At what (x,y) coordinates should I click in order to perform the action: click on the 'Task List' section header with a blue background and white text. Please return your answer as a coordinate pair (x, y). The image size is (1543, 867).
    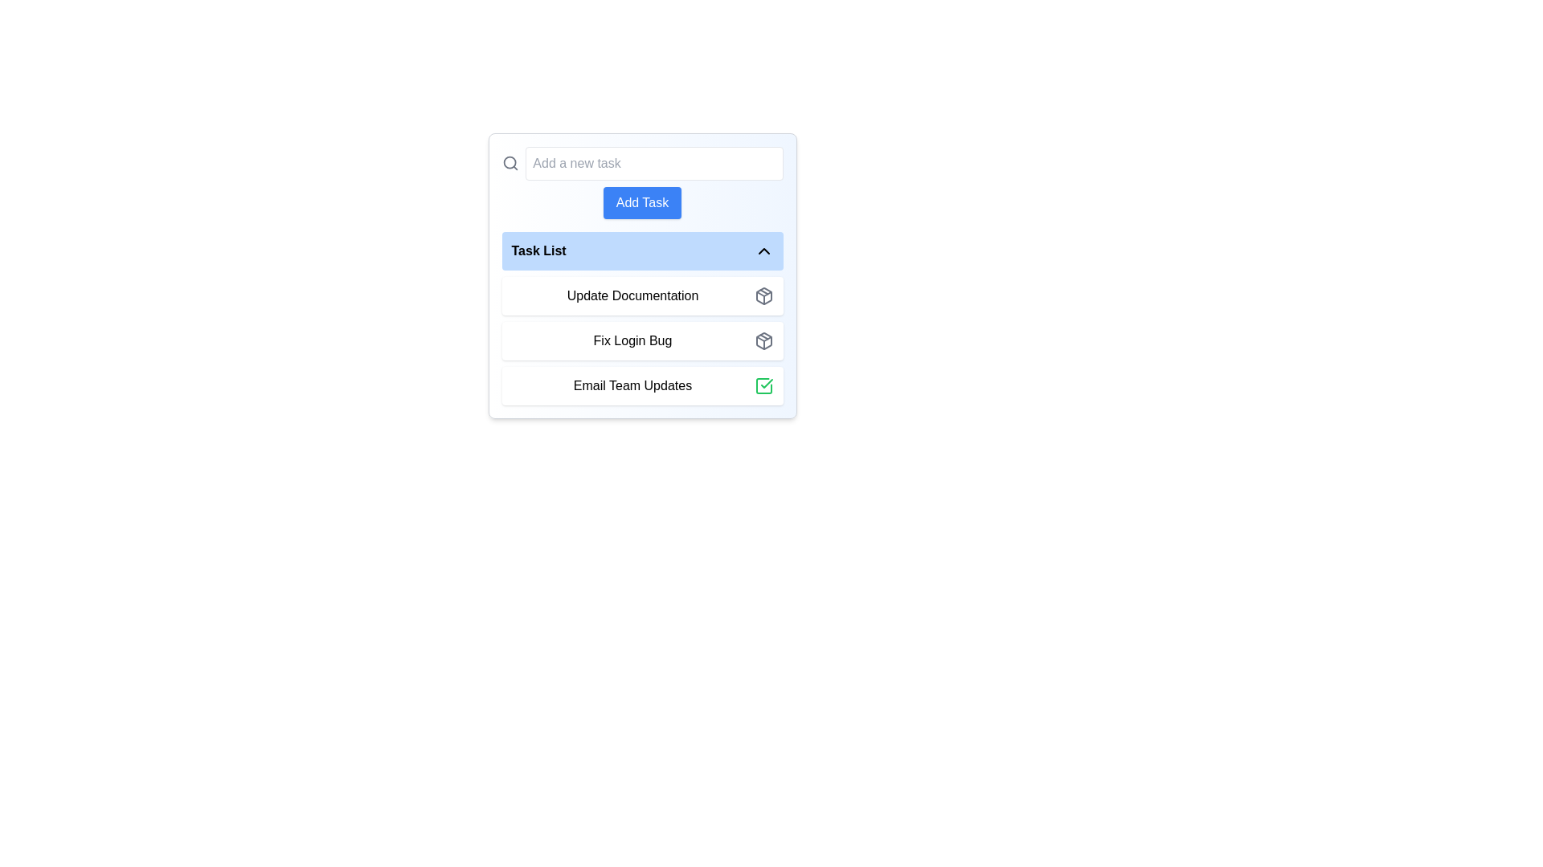
    Looking at the image, I should click on (641, 275).